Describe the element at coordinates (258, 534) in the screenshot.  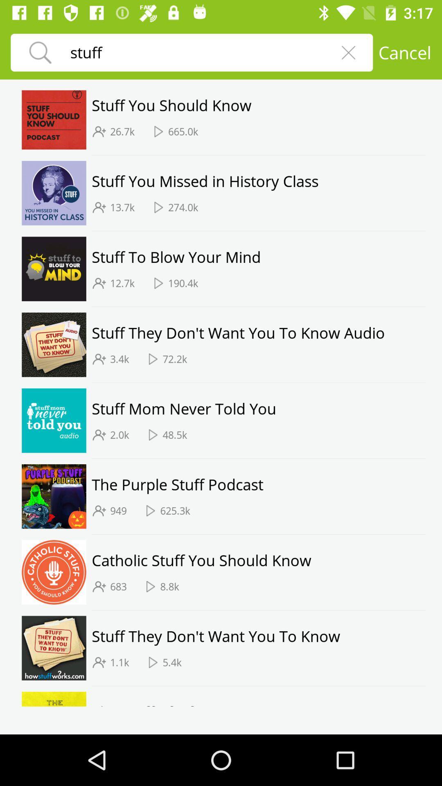
I see `item above the catholic stuff you item` at that location.